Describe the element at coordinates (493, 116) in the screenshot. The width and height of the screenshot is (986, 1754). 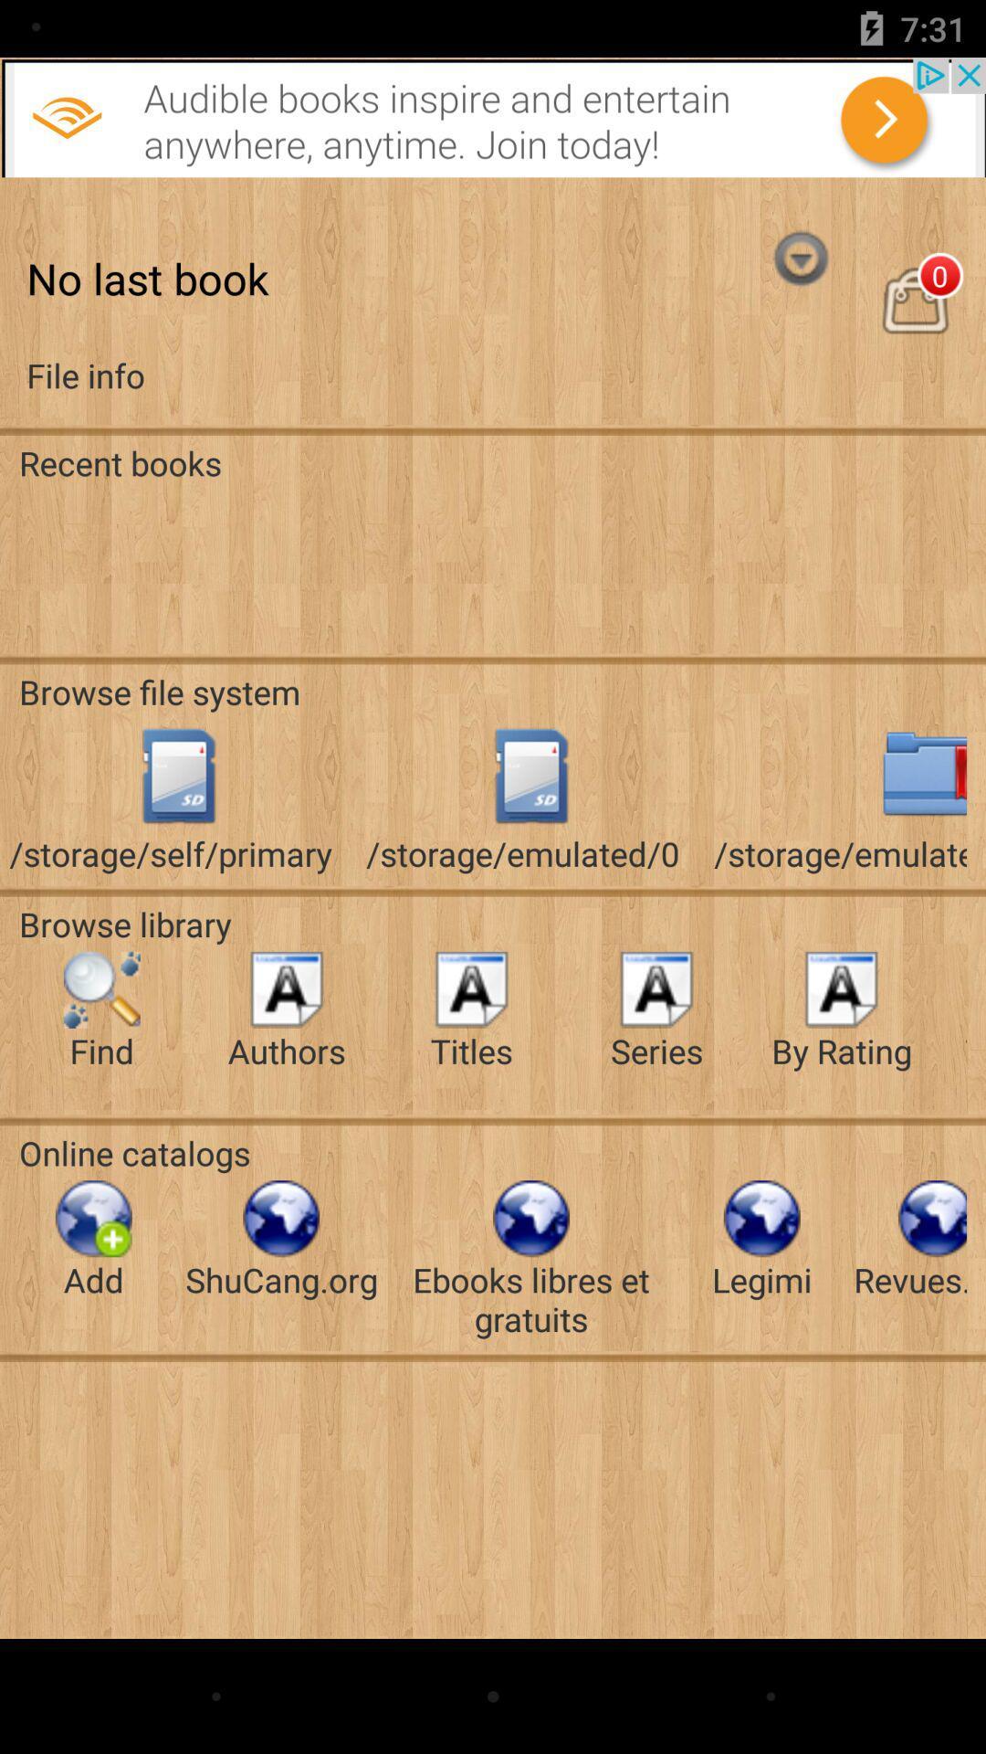
I see `adverstment button link` at that location.